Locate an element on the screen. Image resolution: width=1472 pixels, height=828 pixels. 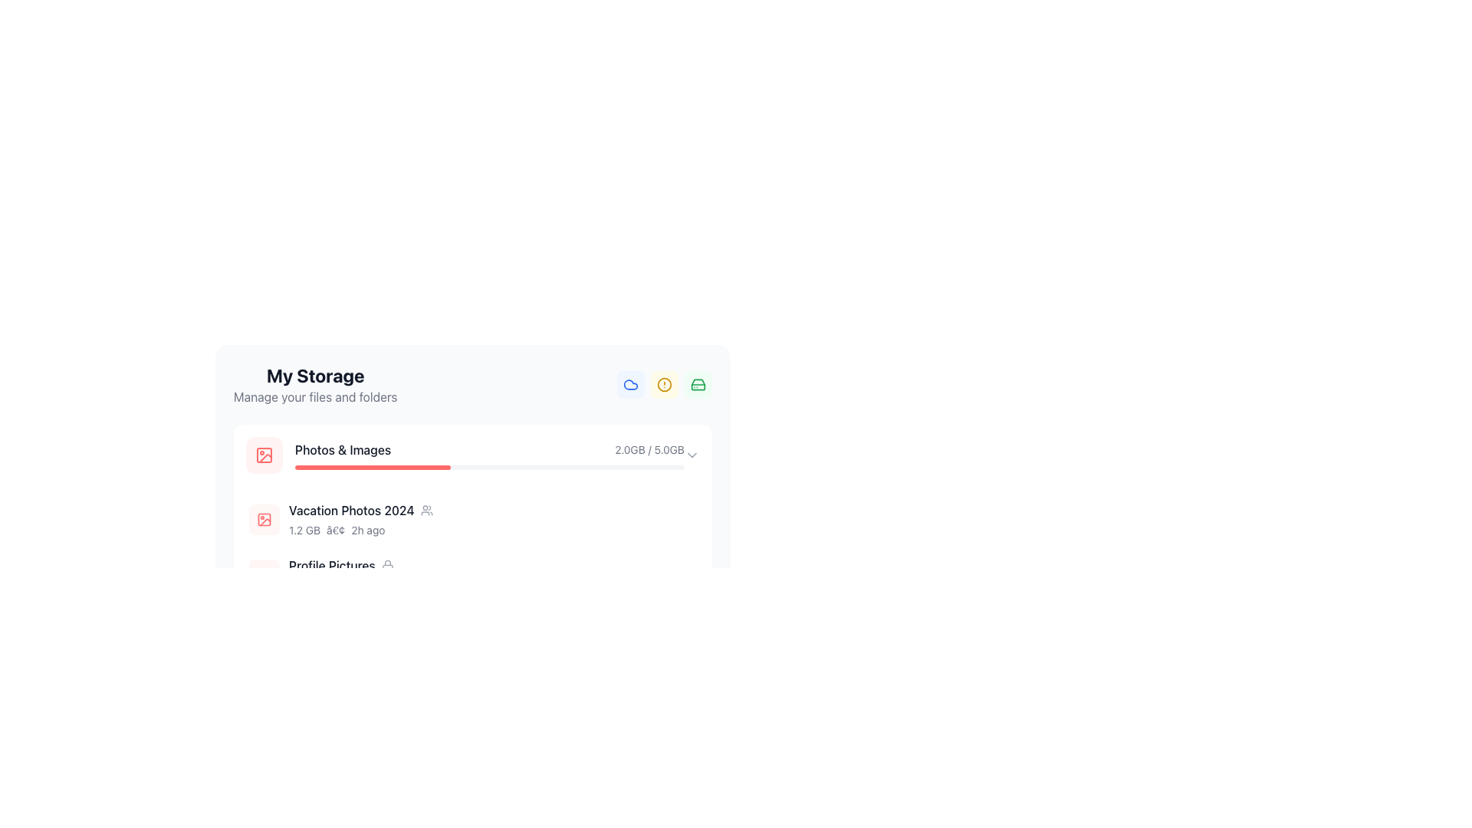
the text label providing the title or name for a storage category or item, located in the third row under the 'My Storage' header, with an SVG lock icon to the right is located at coordinates (331, 565).